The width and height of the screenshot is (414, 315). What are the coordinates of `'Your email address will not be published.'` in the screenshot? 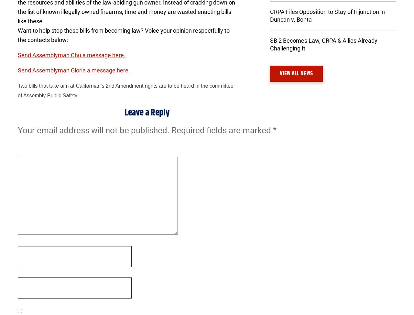 It's located at (93, 130).